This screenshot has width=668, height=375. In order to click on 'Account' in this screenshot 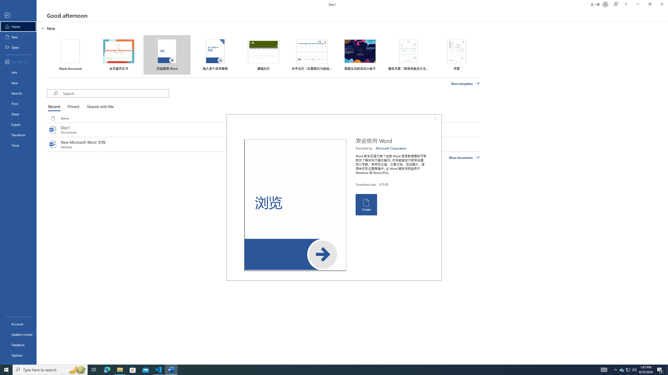, I will do `click(18, 324)`.